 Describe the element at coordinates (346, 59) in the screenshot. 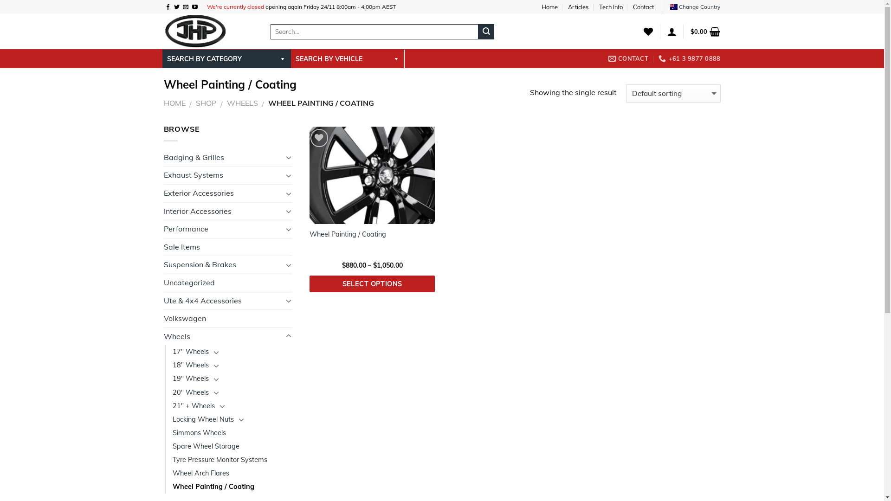

I see `'SEARCH BY VEHICLE'` at that location.